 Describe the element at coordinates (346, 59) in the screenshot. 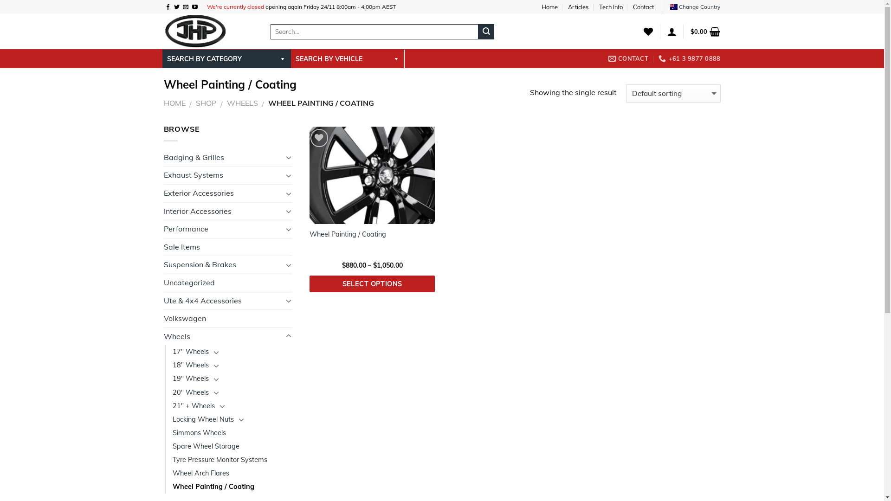

I see `'SEARCH BY VEHICLE'` at that location.